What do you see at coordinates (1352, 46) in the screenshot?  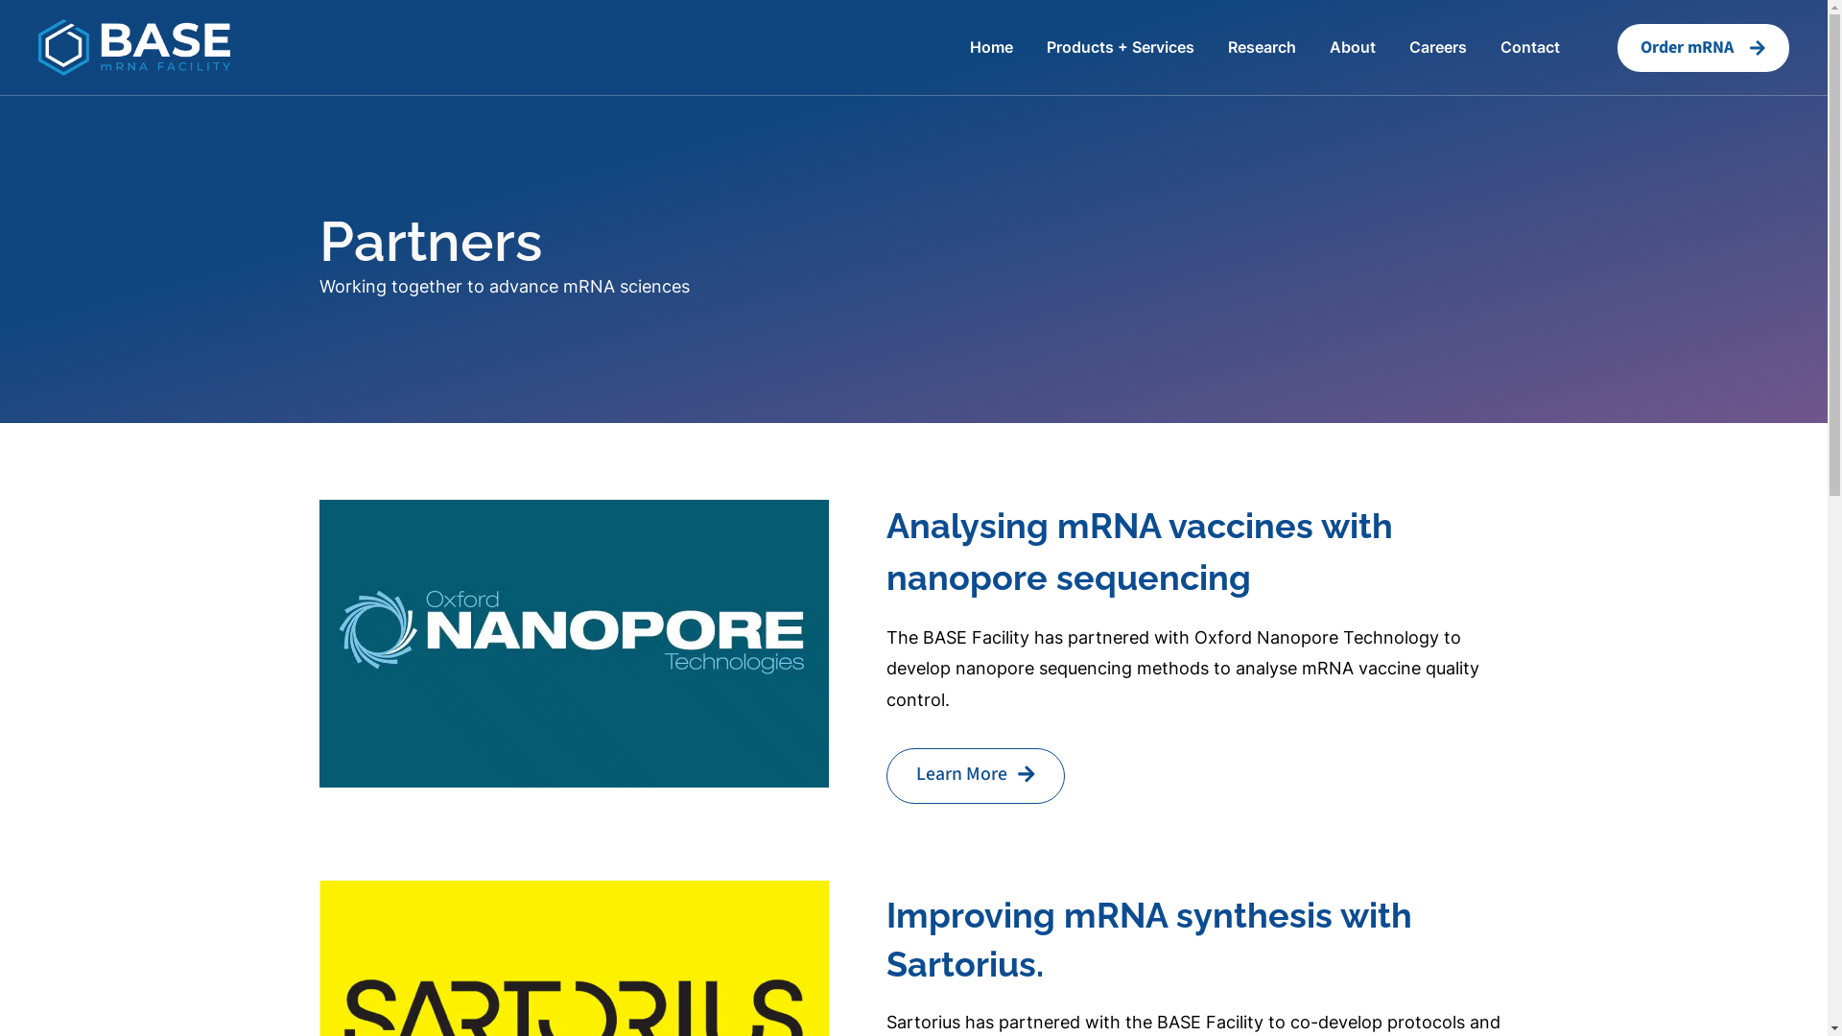 I see `'About'` at bounding box center [1352, 46].